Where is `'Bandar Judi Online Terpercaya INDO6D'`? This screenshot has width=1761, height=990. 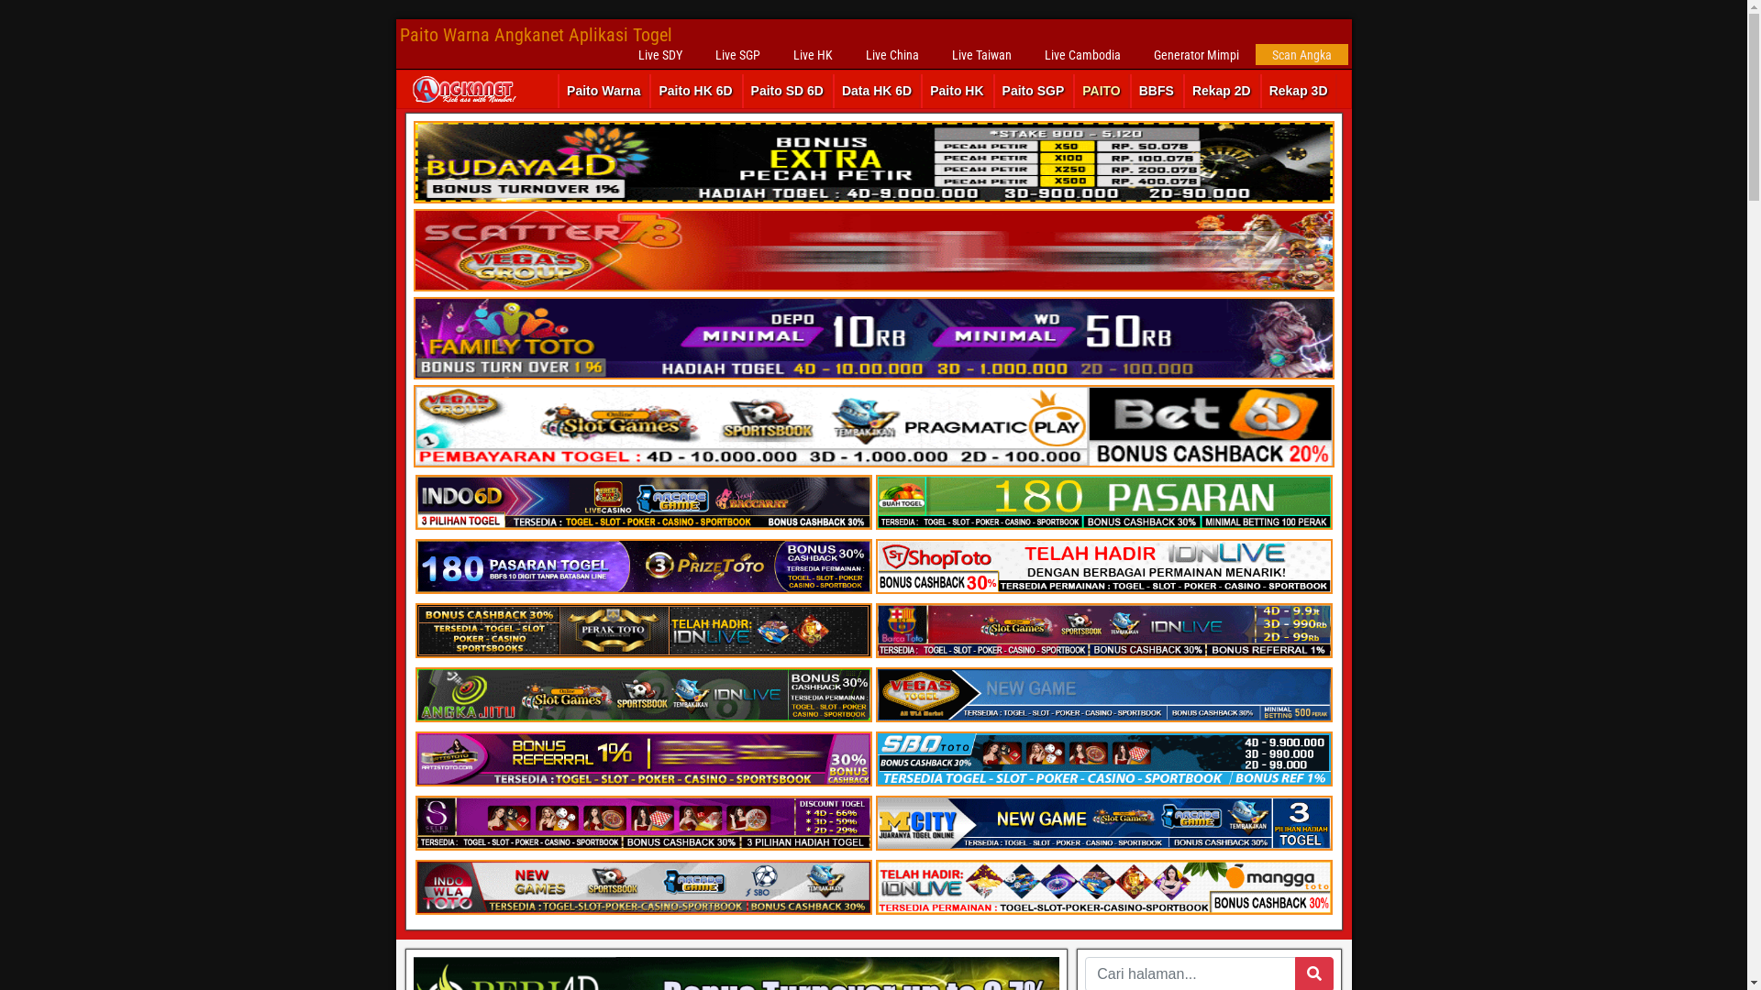
'Bandar Judi Online Terpercaya INDO6D' is located at coordinates (642, 501).